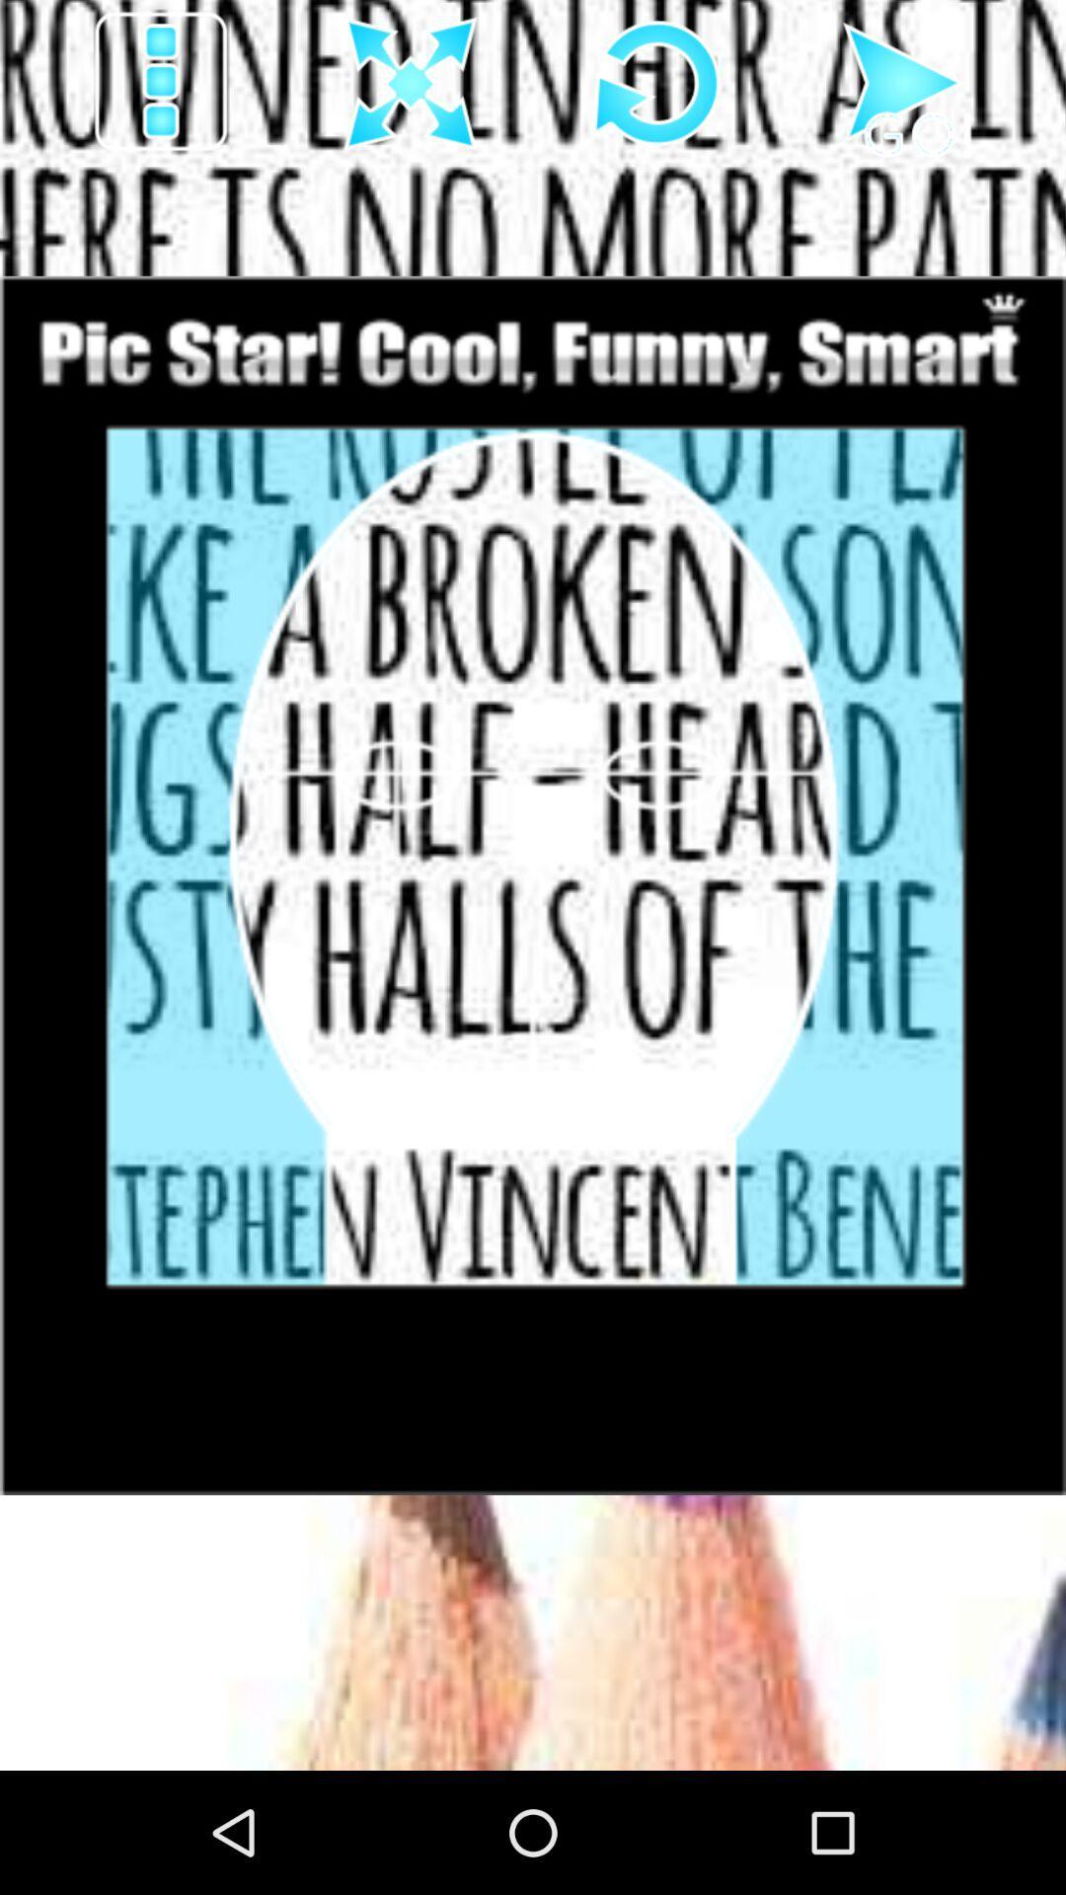 The width and height of the screenshot is (1066, 1895). I want to click on the navigation icon, so click(904, 89).